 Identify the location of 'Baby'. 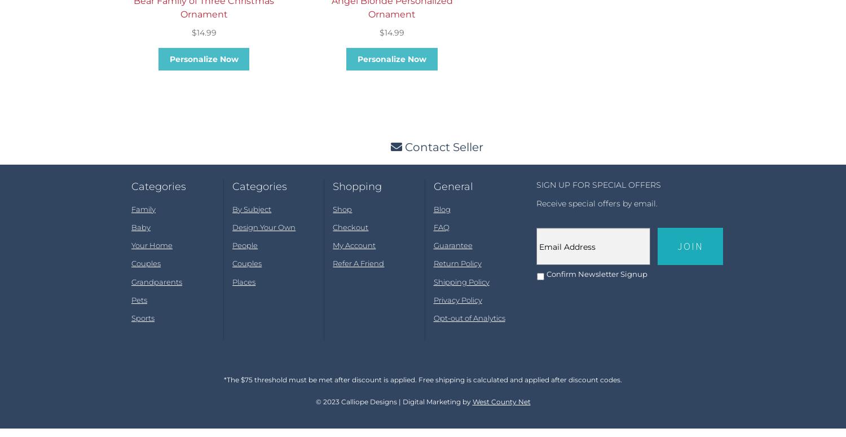
(141, 235).